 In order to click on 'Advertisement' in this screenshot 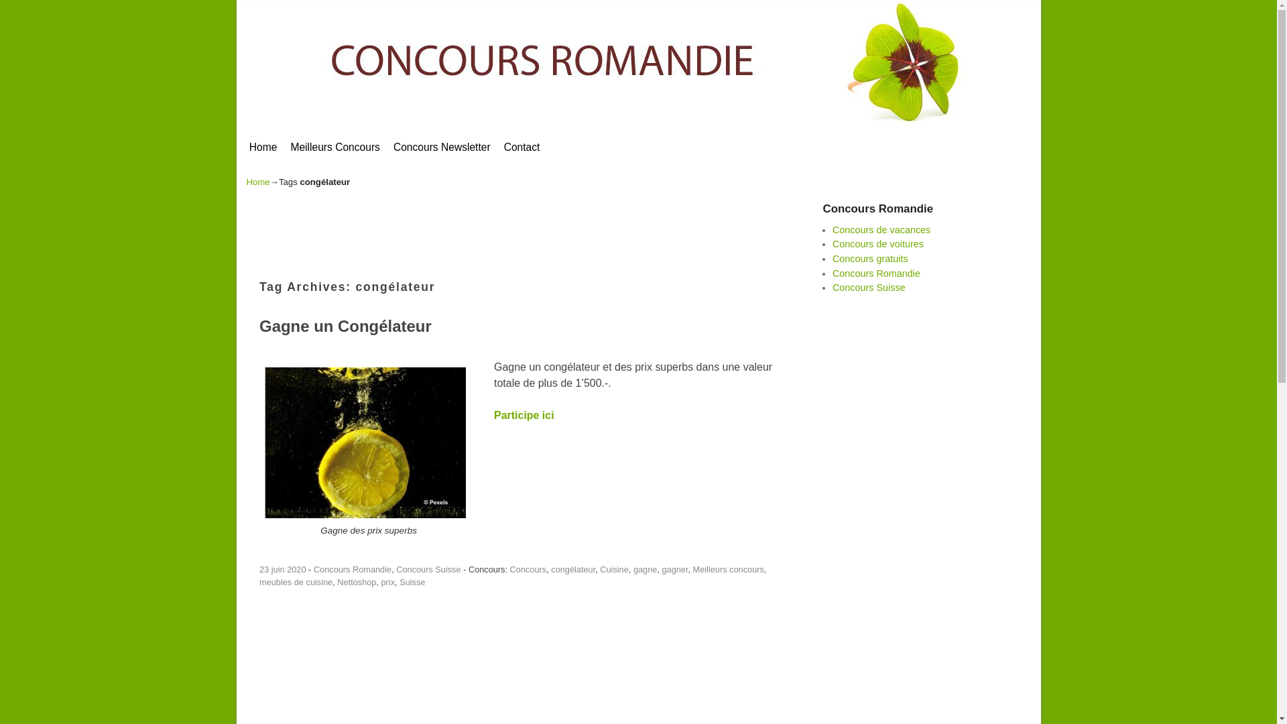, I will do `click(487, 651)`.